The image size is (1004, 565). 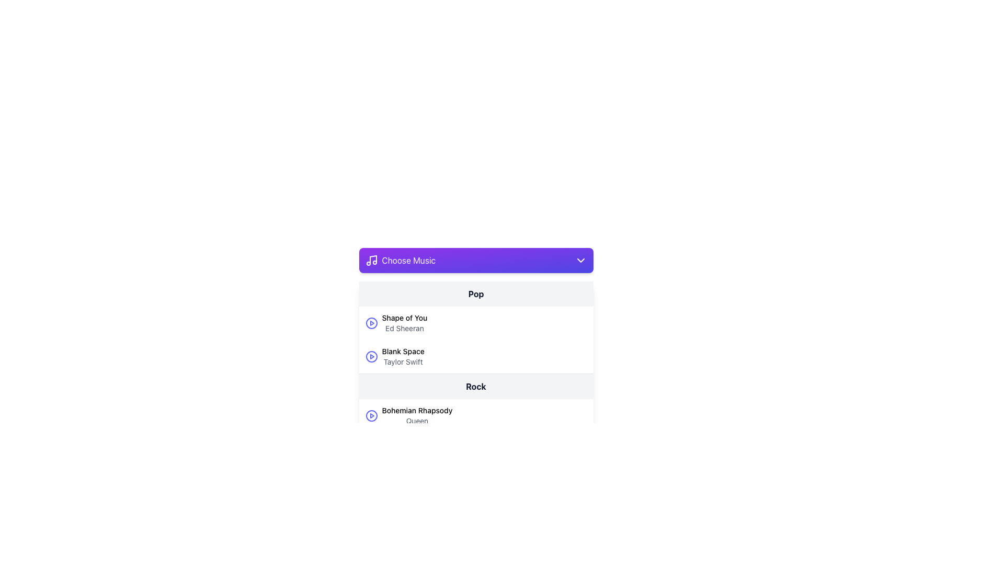 What do you see at coordinates (475, 415) in the screenshot?
I see `the first list item displaying 'Bohemian Rhapsody' by 'Queen'` at bounding box center [475, 415].